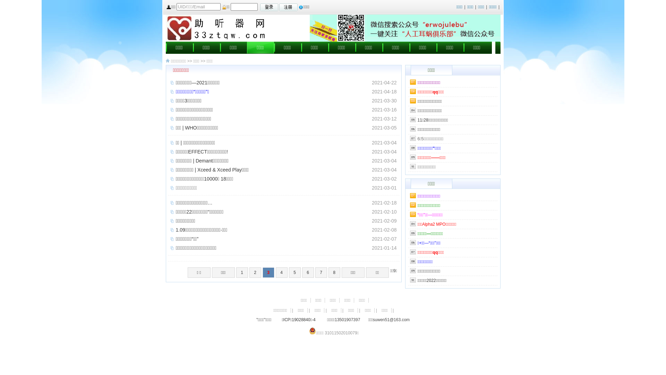 The width and height of the screenshot is (666, 375). Describe the element at coordinates (242, 272) in the screenshot. I see `'1'` at that location.